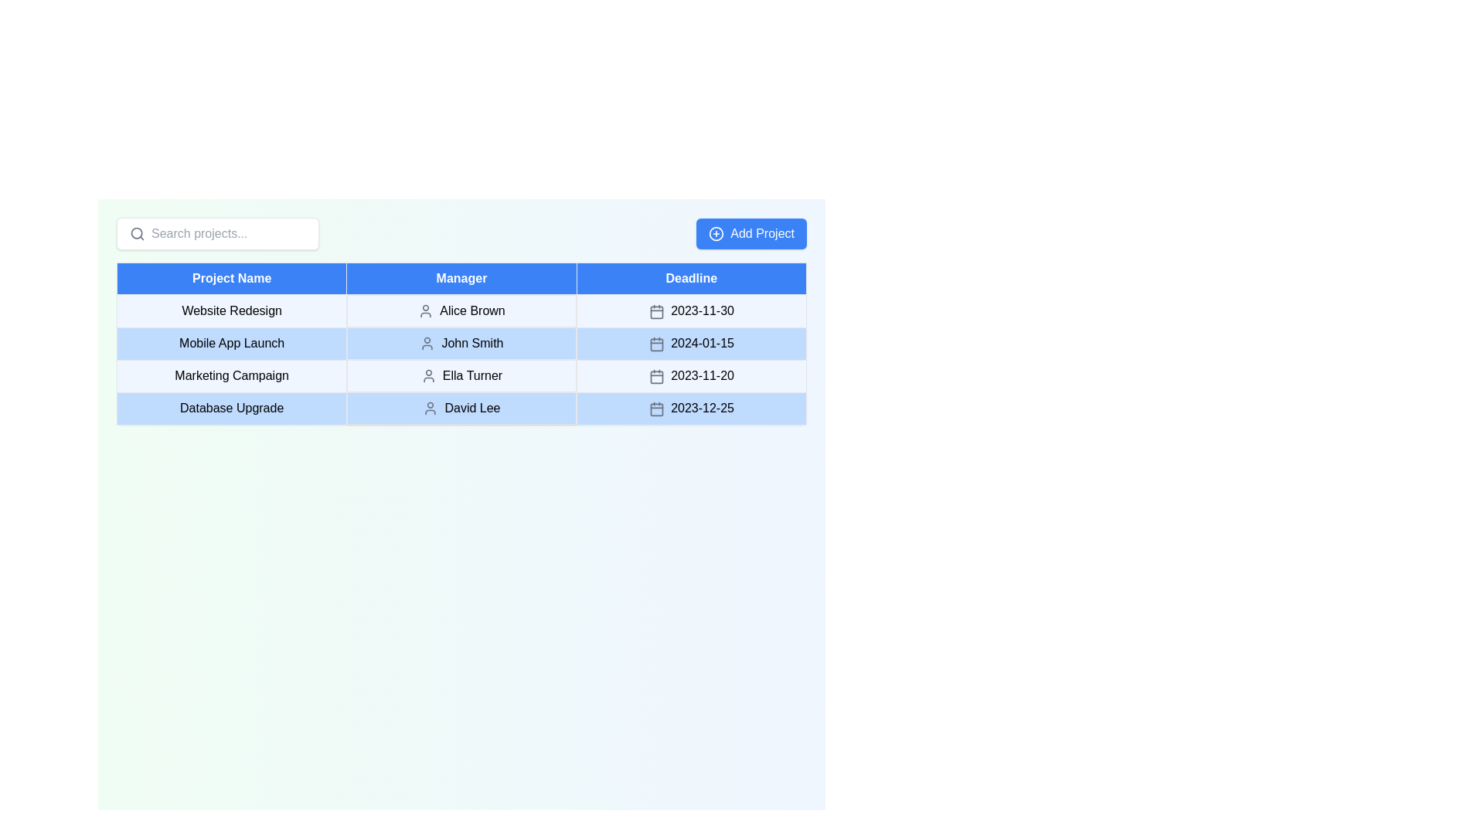 The height and width of the screenshot is (834, 1484). What do you see at coordinates (461, 342) in the screenshot?
I see `the non-interactive text label identifying the manager 'John Smith' for the 'Mobile App Launch' project in the table` at bounding box center [461, 342].